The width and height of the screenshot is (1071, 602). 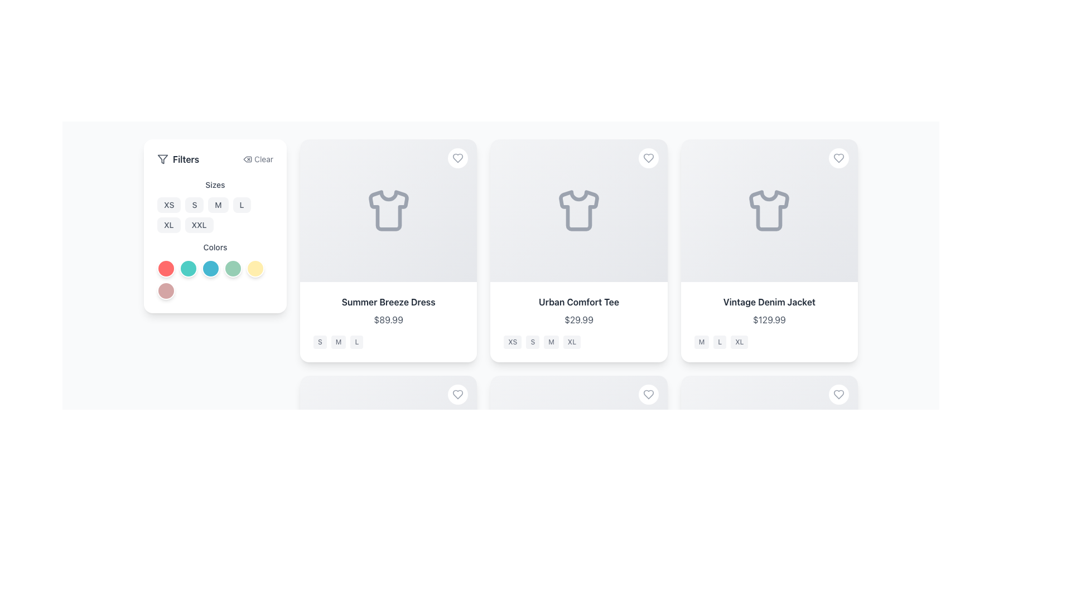 I want to click on the label with the accompanying icon located at the top-left side of the filter panel to focus on filter options, so click(x=177, y=159).